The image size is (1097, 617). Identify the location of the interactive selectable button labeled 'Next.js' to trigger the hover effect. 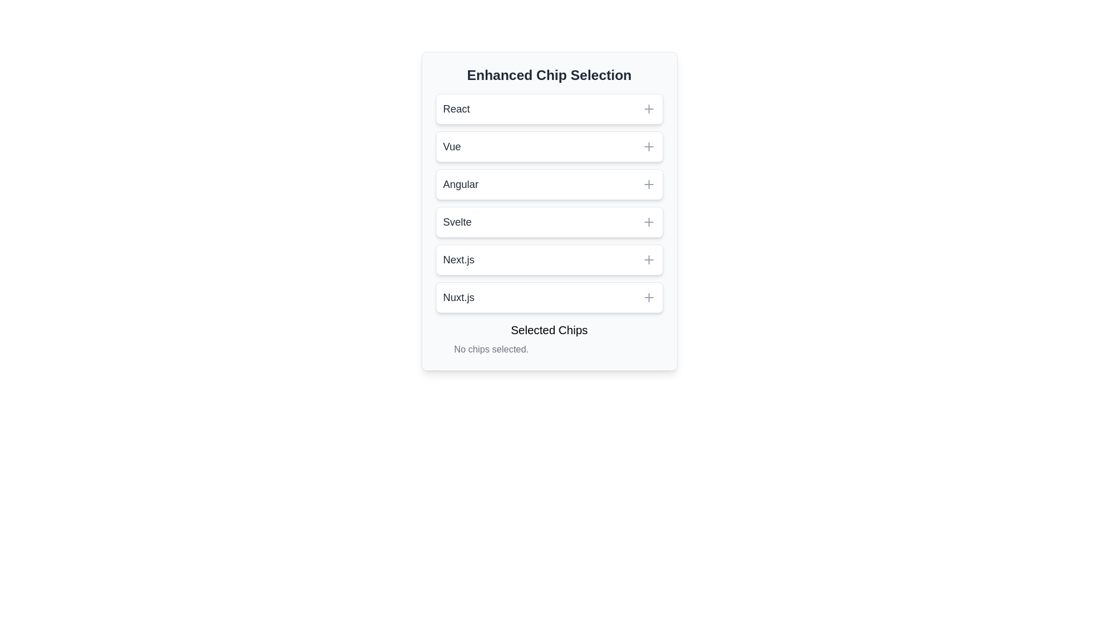
(549, 260).